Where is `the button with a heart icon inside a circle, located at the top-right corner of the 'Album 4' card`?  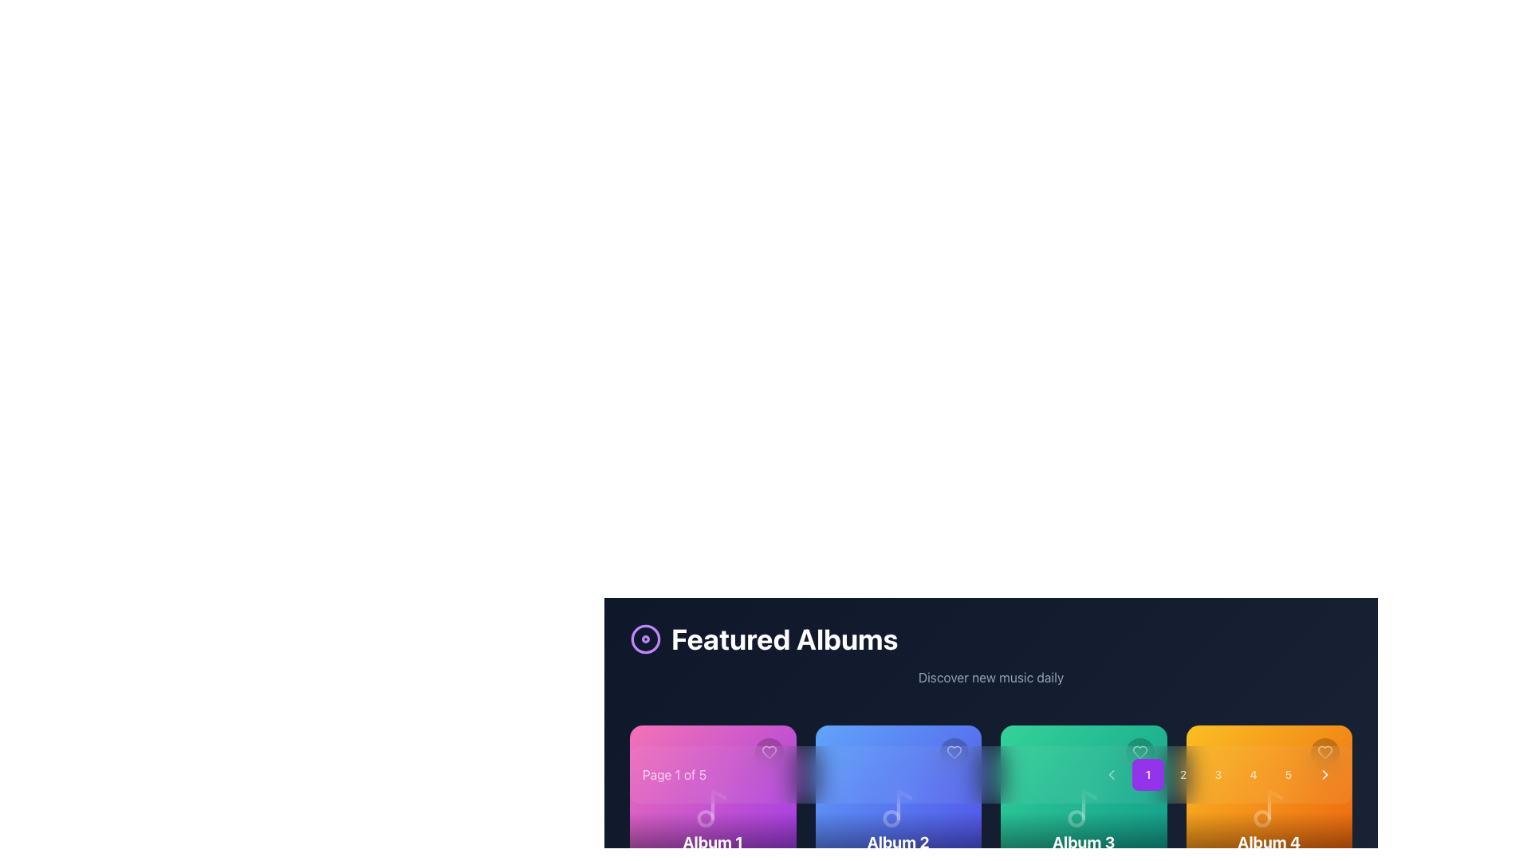 the button with a heart icon inside a circle, located at the top-right corner of the 'Album 4' card is located at coordinates (1324, 753).